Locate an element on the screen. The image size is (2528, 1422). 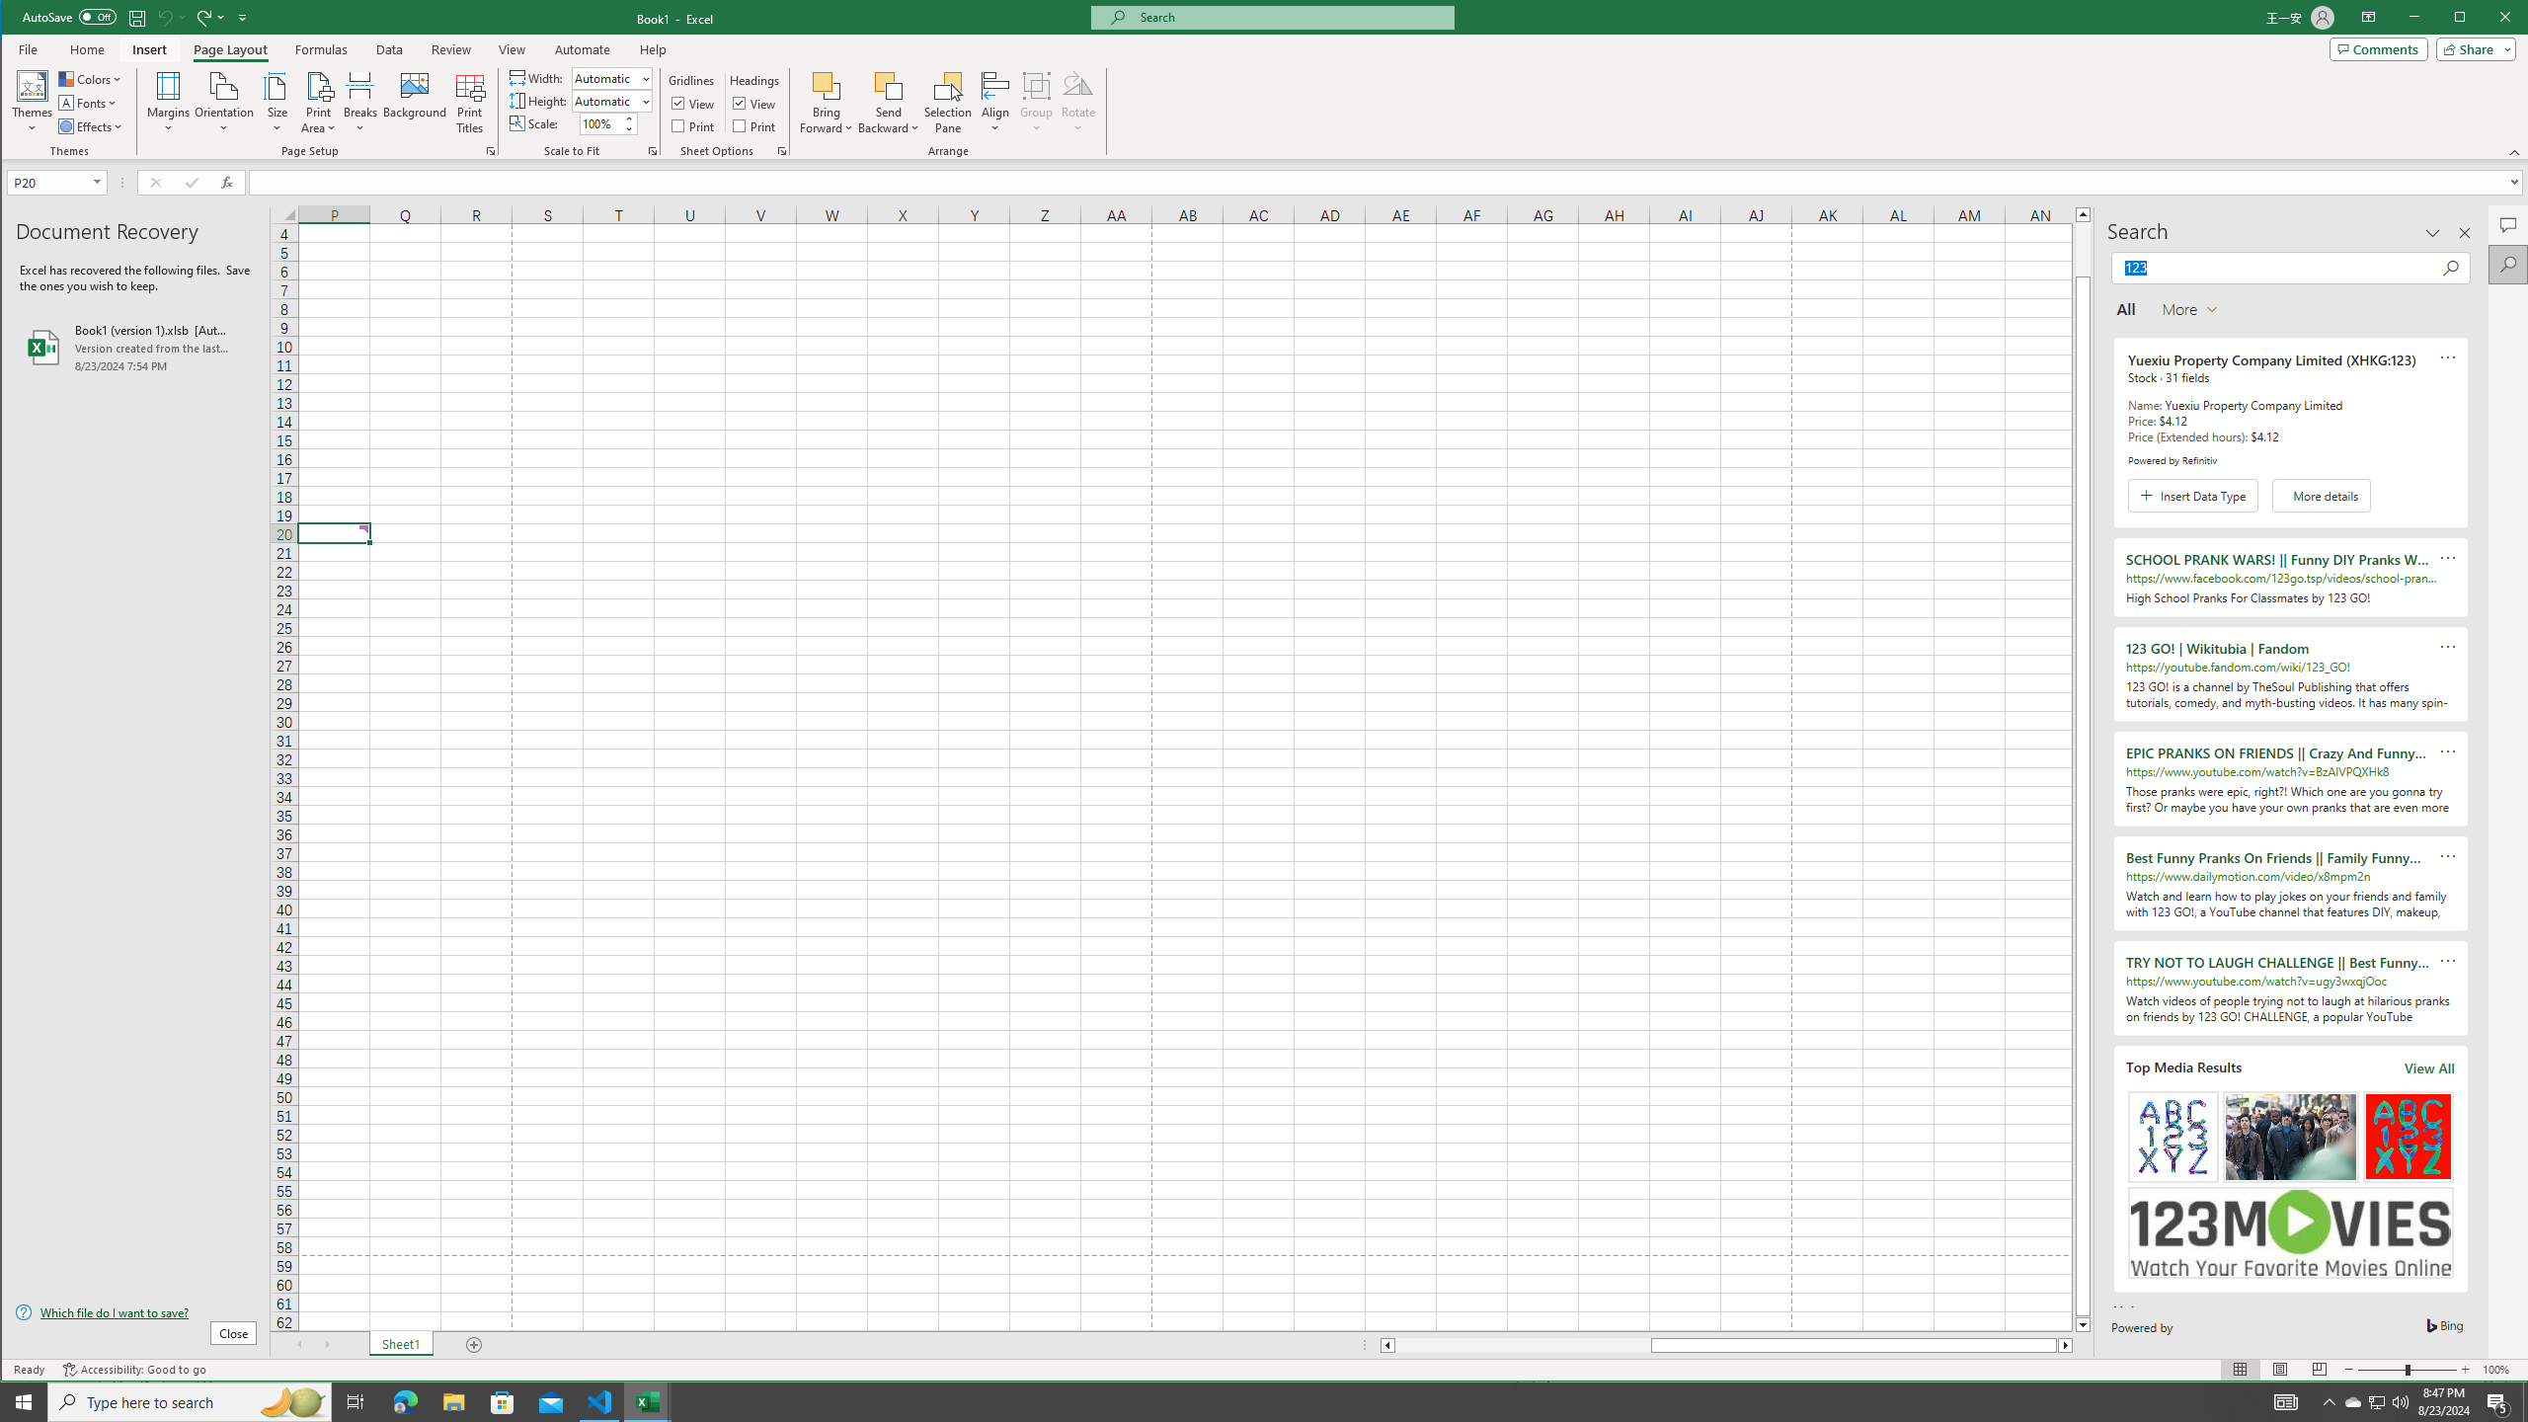
'Sheet Options' is located at coordinates (780, 151).